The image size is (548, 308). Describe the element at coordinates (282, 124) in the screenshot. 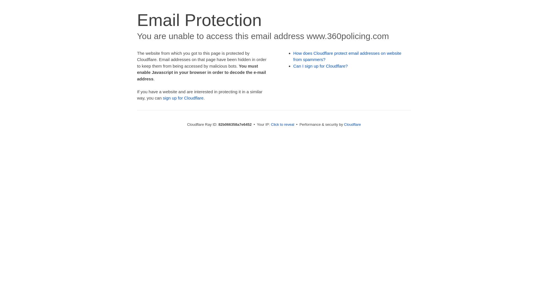

I see `'Click to reveal'` at that location.